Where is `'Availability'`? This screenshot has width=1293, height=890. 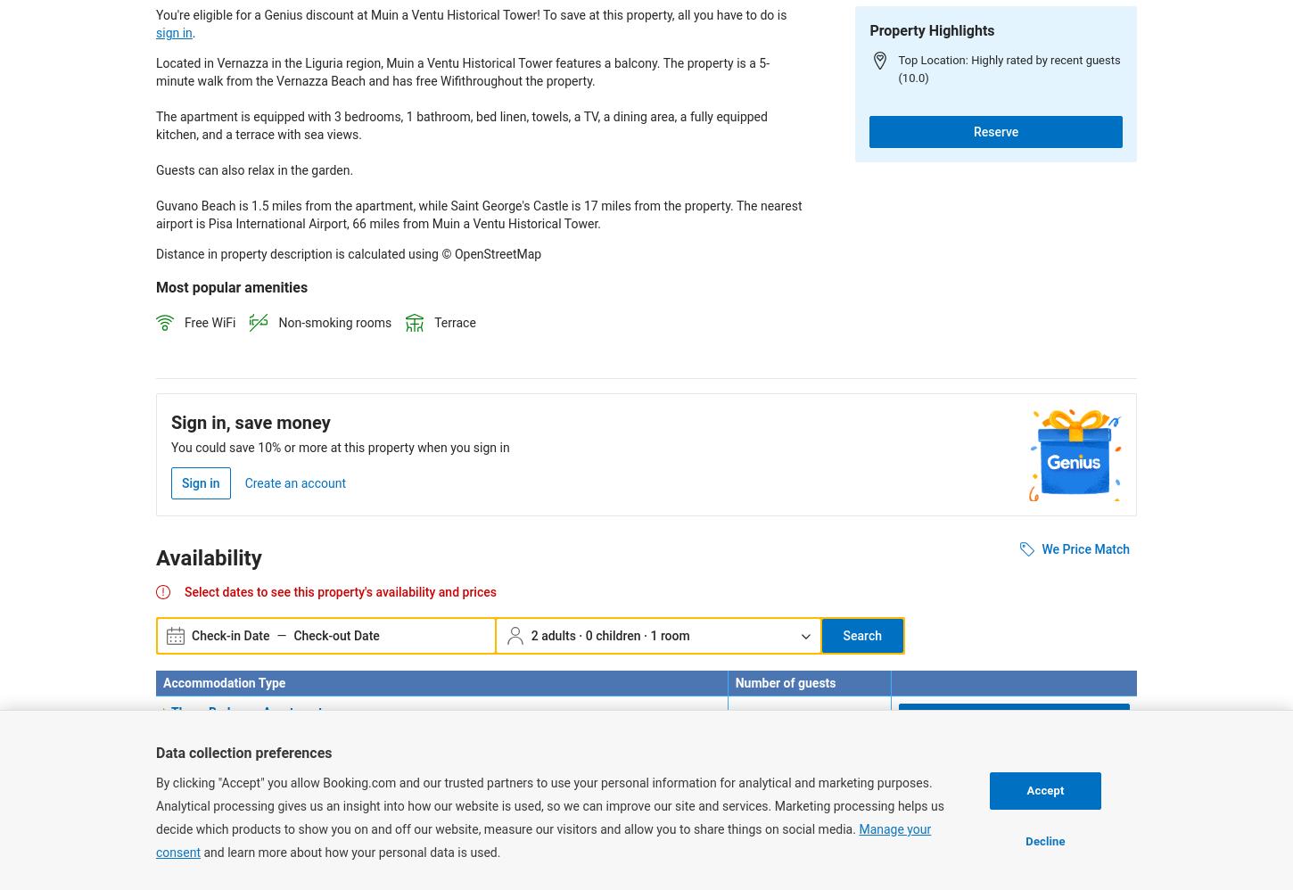 'Availability' is located at coordinates (208, 558).